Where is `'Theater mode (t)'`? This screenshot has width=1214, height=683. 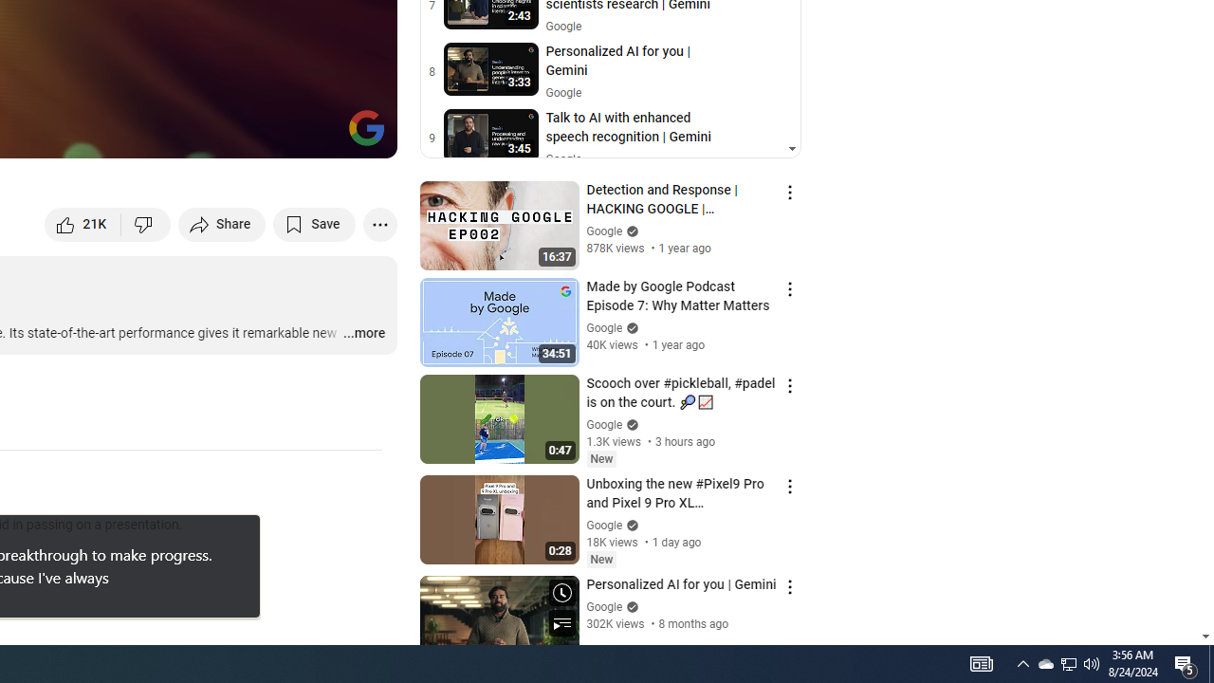 'Theater mode (t)' is located at coordinates (317, 134).